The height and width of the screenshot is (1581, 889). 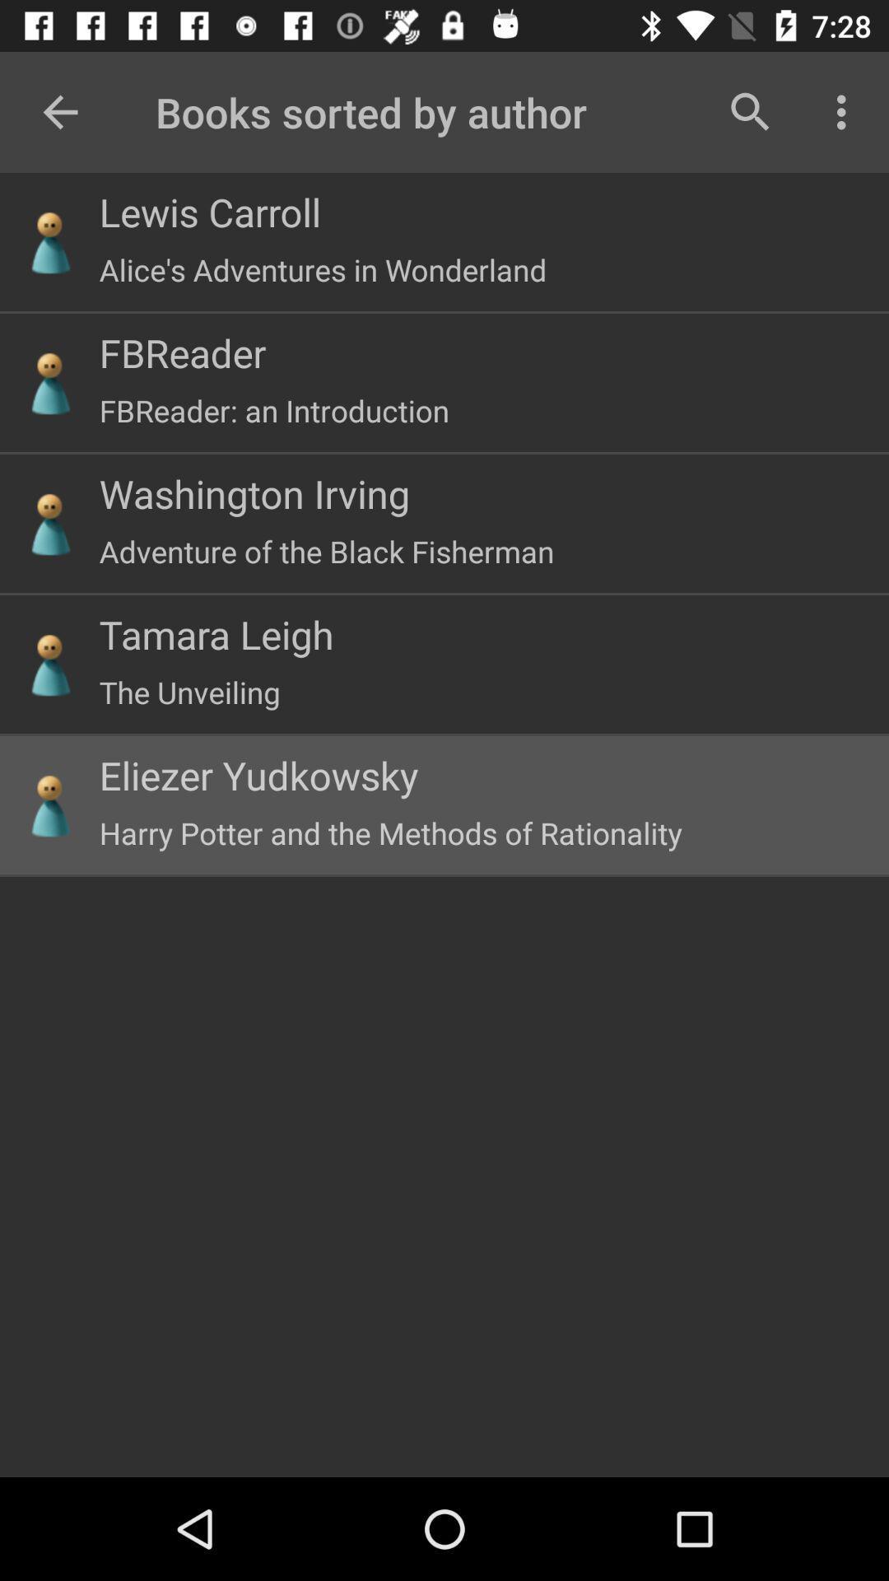 What do you see at coordinates (258, 774) in the screenshot?
I see `icon above the harry potter and icon` at bounding box center [258, 774].